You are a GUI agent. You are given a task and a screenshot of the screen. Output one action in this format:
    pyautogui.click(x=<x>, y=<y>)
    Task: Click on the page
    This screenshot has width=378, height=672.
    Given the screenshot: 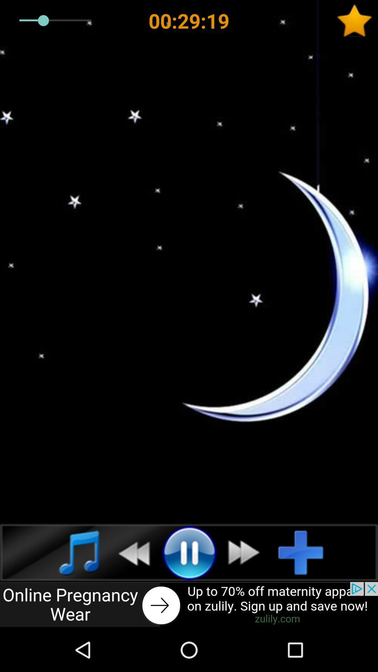 What is the action you would take?
    pyautogui.click(x=357, y=21)
    